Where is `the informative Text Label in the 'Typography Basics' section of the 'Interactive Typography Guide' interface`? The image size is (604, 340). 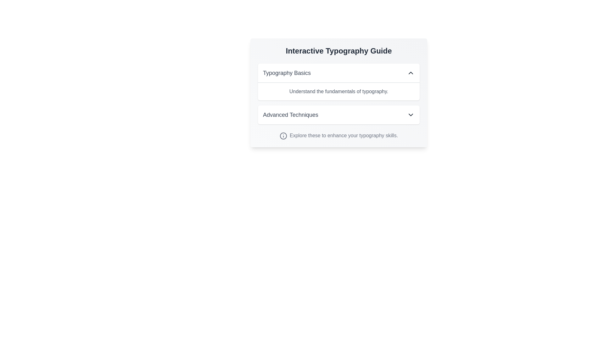
the informative Text Label in the 'Typography Basics' section of the 'Interactive Typography Guide' interface is located at coordinates (338, 91).